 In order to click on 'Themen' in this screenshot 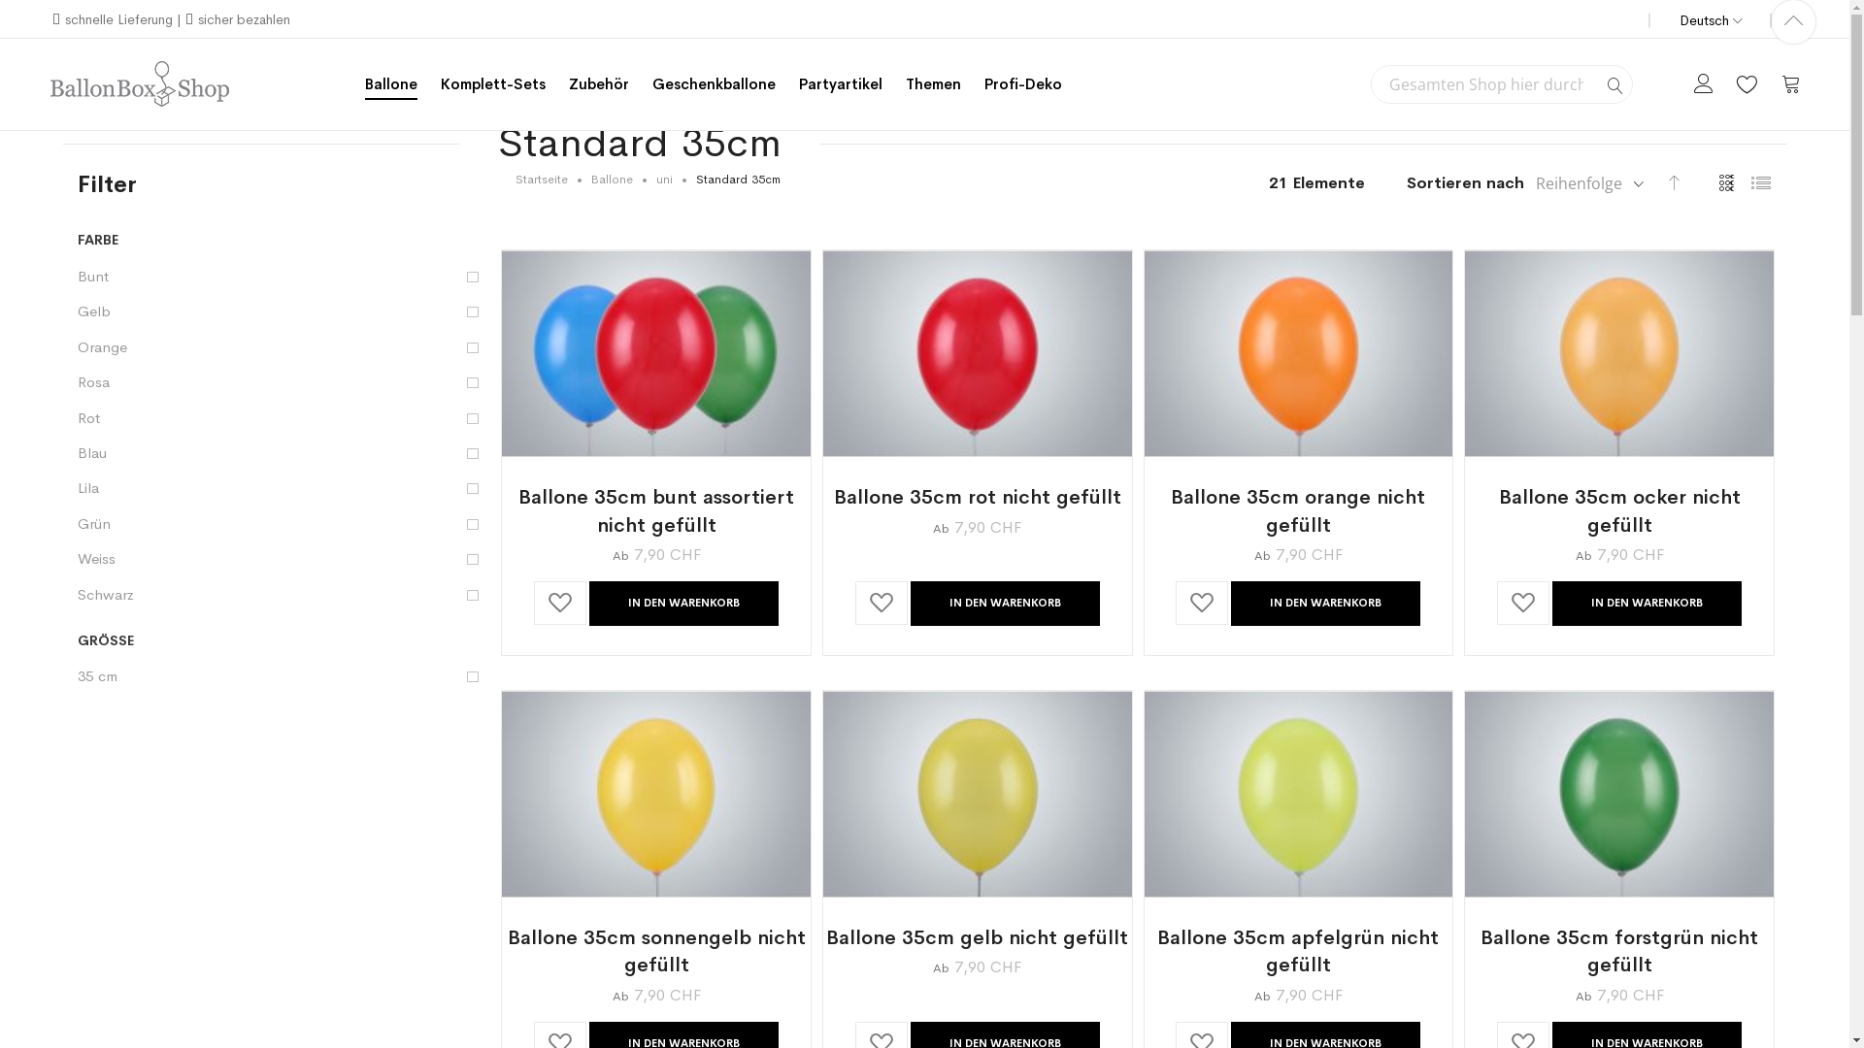, I will do `click(933, 82)`.